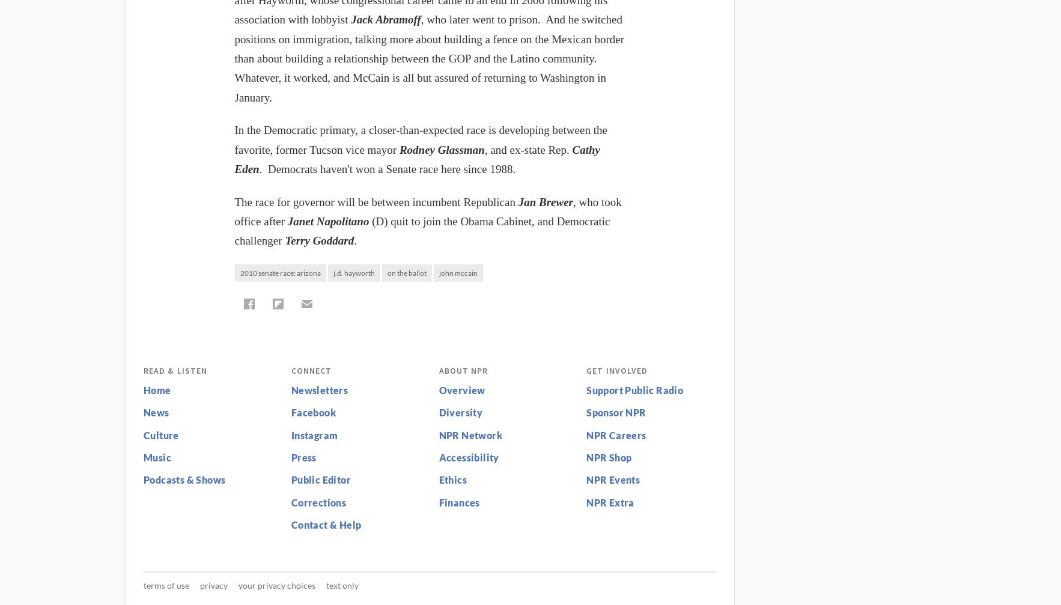  Describe the element at coordinates (213, 584) in the screenshot. I see `'Privacy'` at that location.